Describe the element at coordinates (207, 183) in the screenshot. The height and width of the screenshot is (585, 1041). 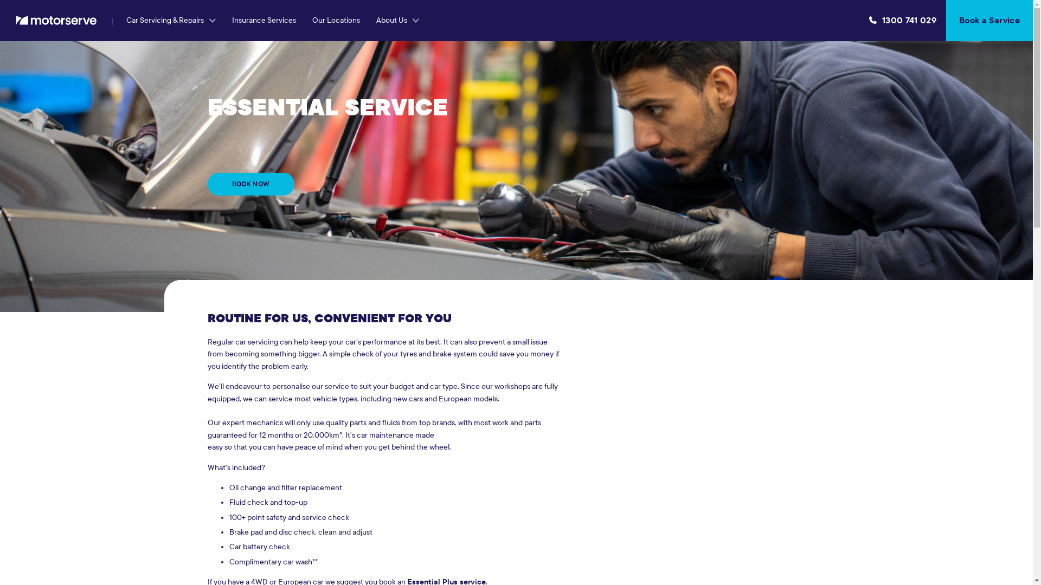
I see `'BOOK NOW'` at that location.